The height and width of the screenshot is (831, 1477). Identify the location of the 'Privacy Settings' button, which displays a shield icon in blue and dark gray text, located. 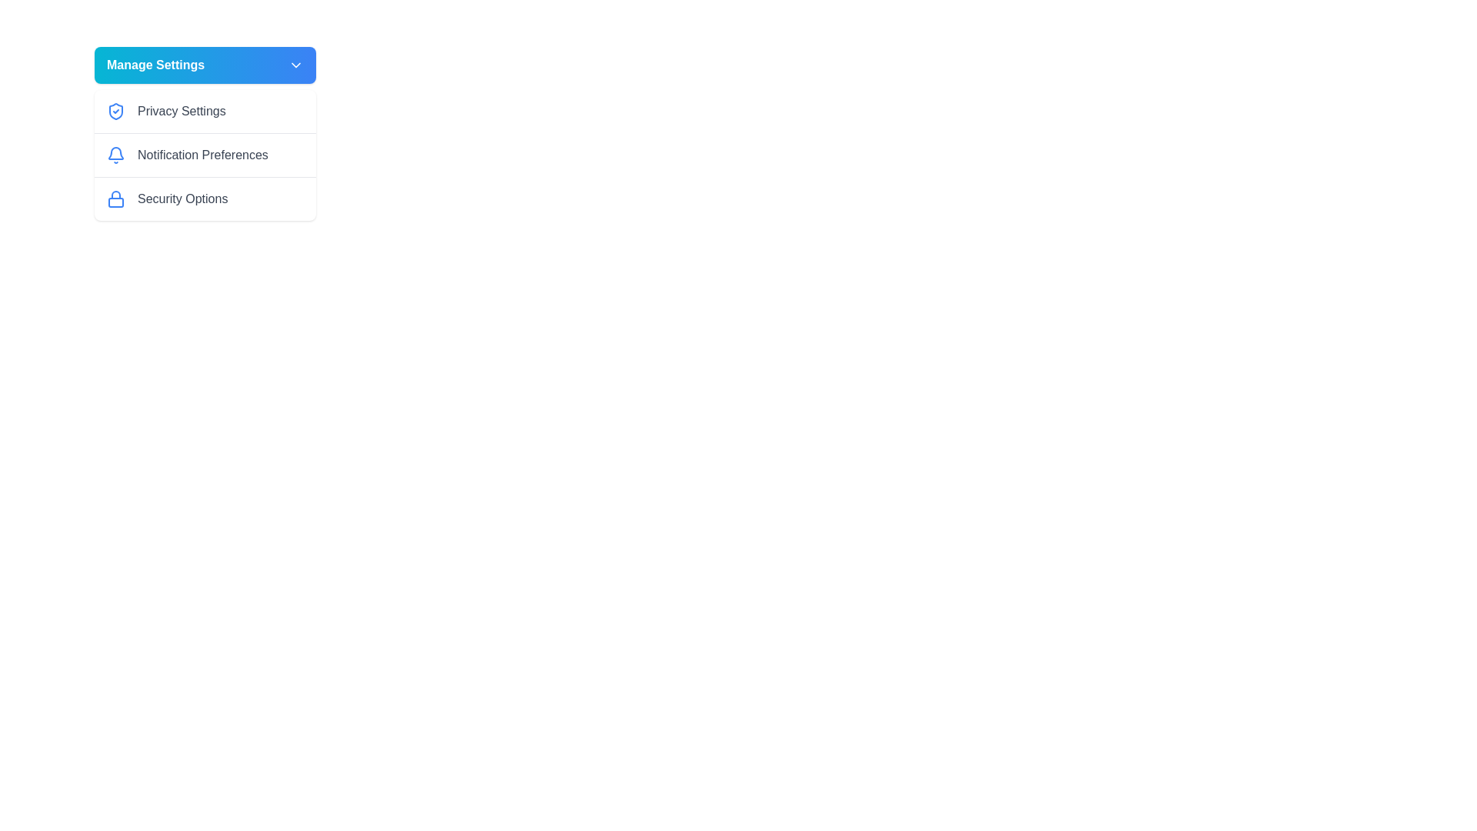
(205, 111).